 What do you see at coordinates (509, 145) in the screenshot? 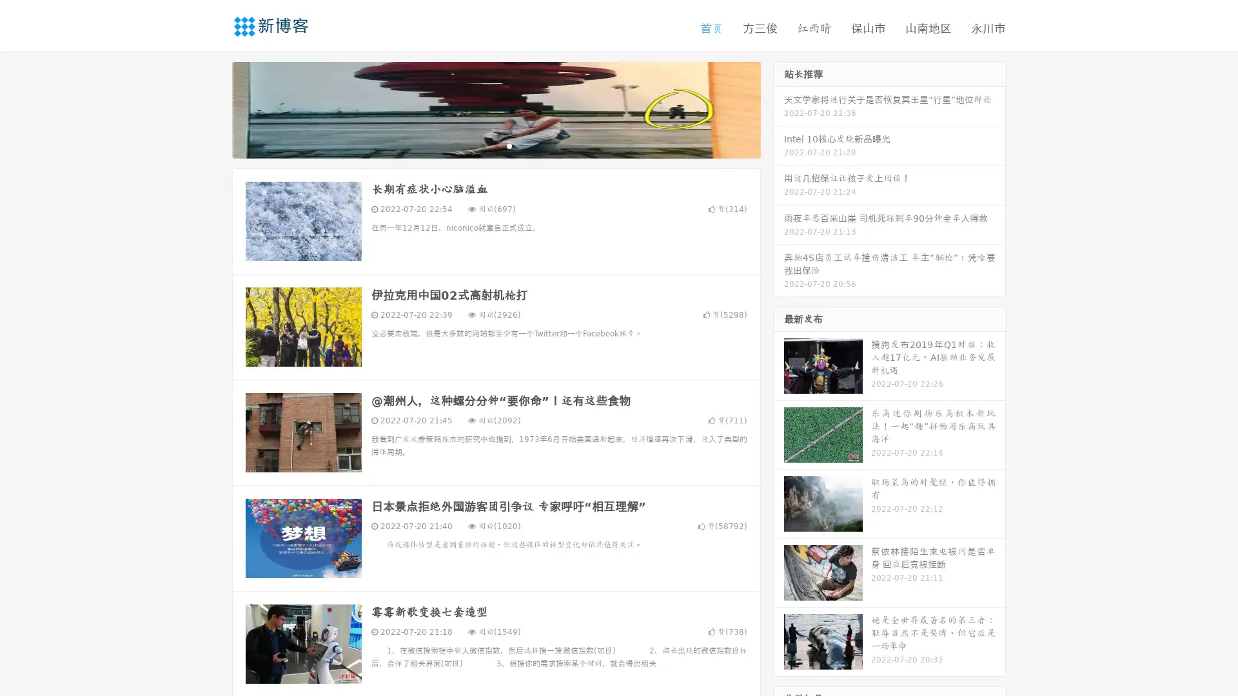
I see `Go to slide 3` at bounding box center [509, 145].